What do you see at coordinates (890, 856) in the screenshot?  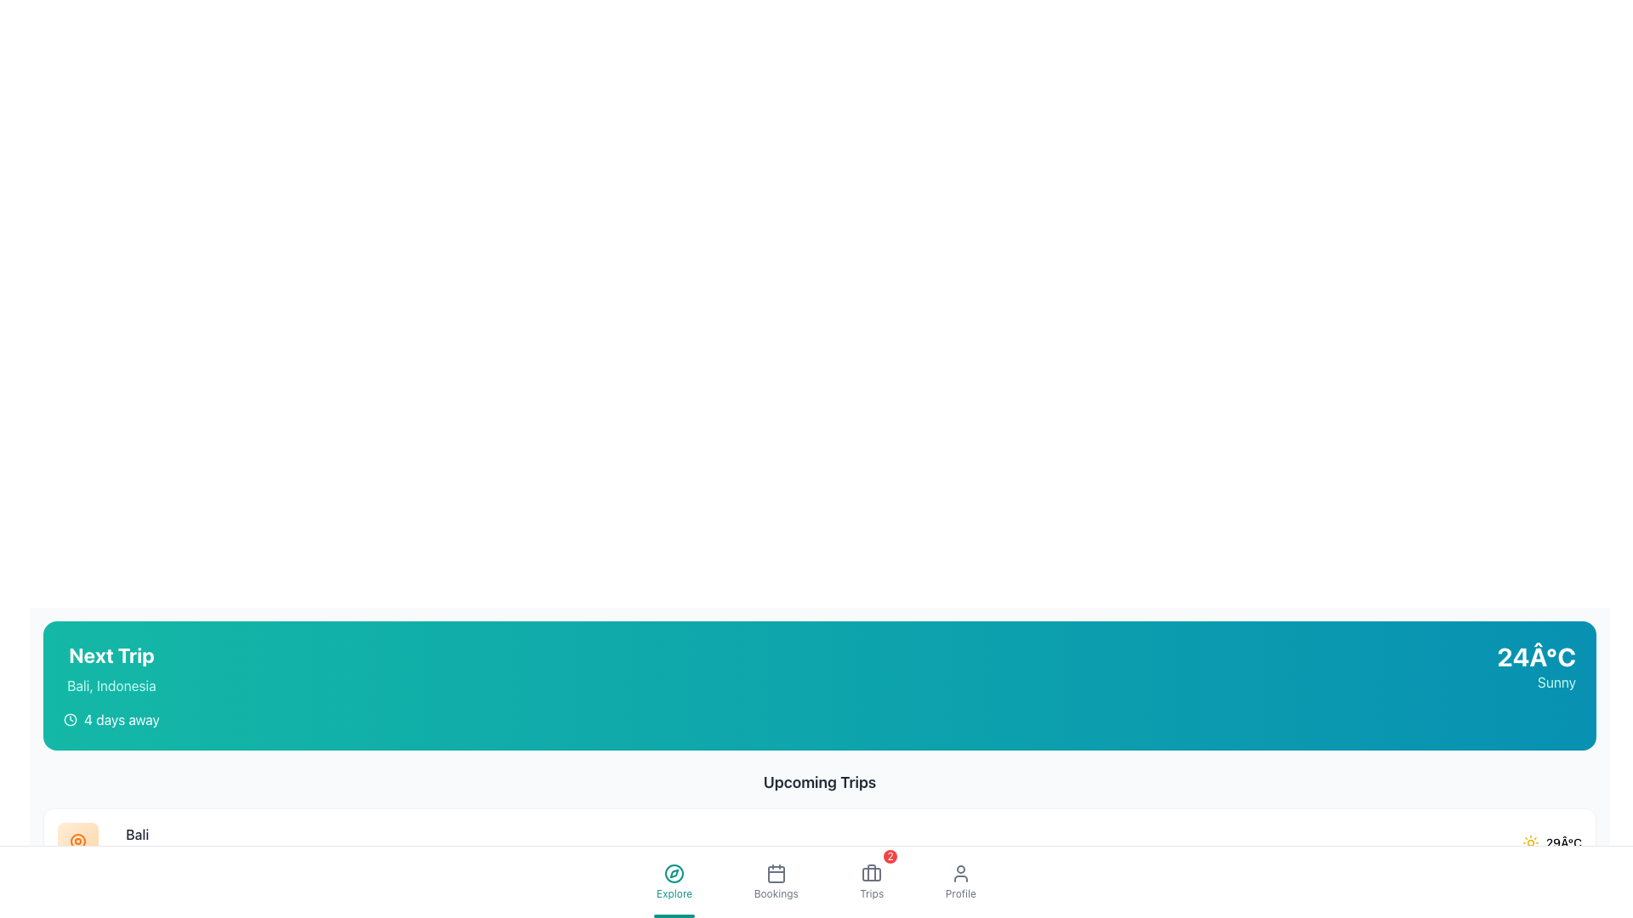 I see `the small circular badge with a red background and white text displaying the number '2', located at the top-right corner of the 'Trips' item in the bottom navigation bar` at bounding box center [890, 856].